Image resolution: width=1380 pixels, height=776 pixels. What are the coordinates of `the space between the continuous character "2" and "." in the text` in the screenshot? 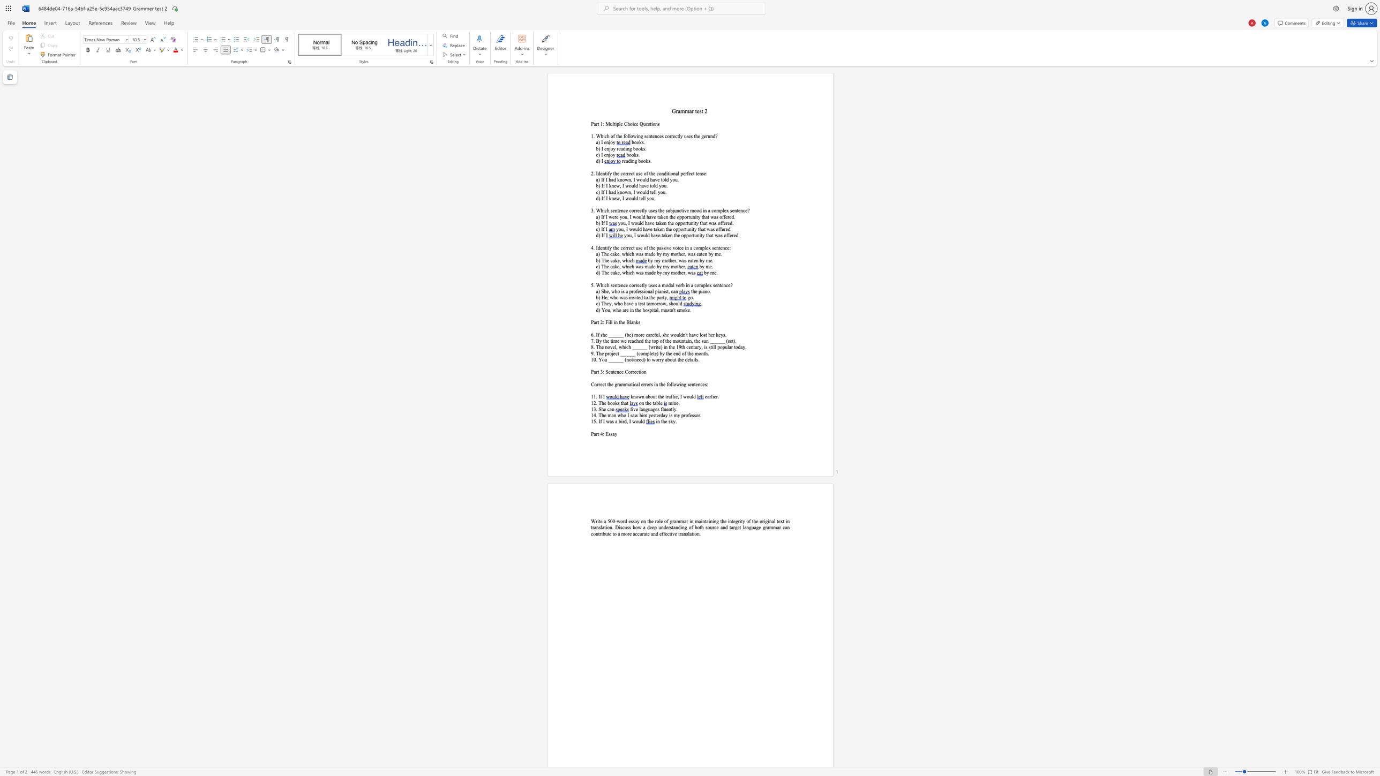 It's located at (595, 403).